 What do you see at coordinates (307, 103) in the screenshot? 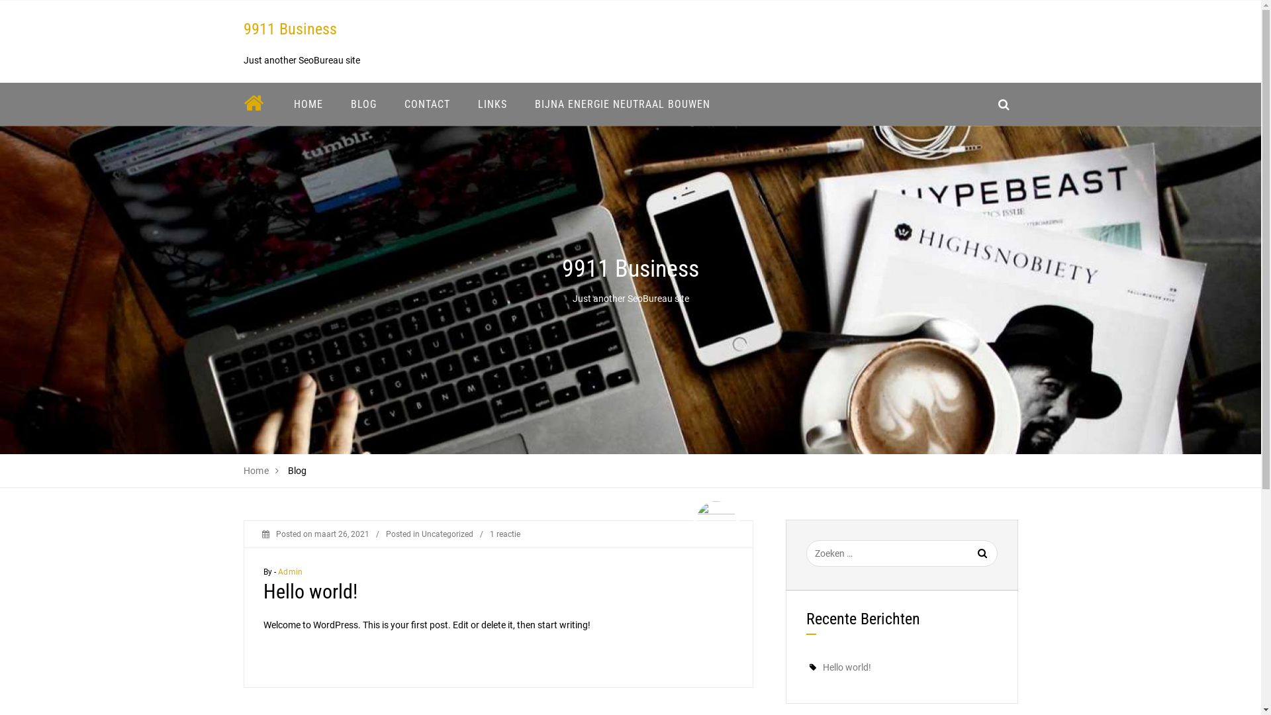
I see `'HOME'` at bounding box center [307, 103].